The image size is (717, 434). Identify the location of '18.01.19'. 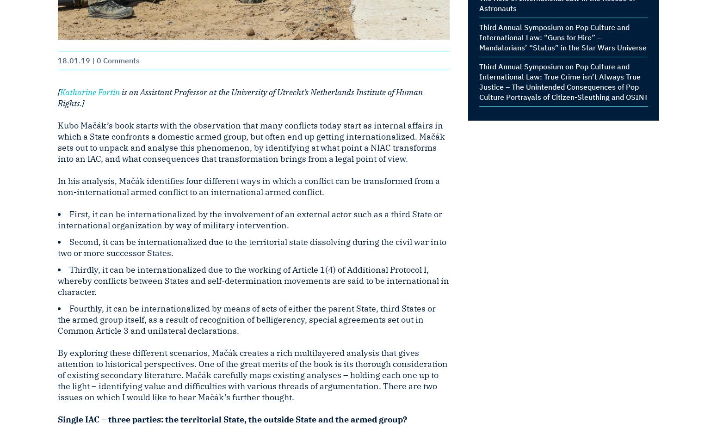
(73, 60).